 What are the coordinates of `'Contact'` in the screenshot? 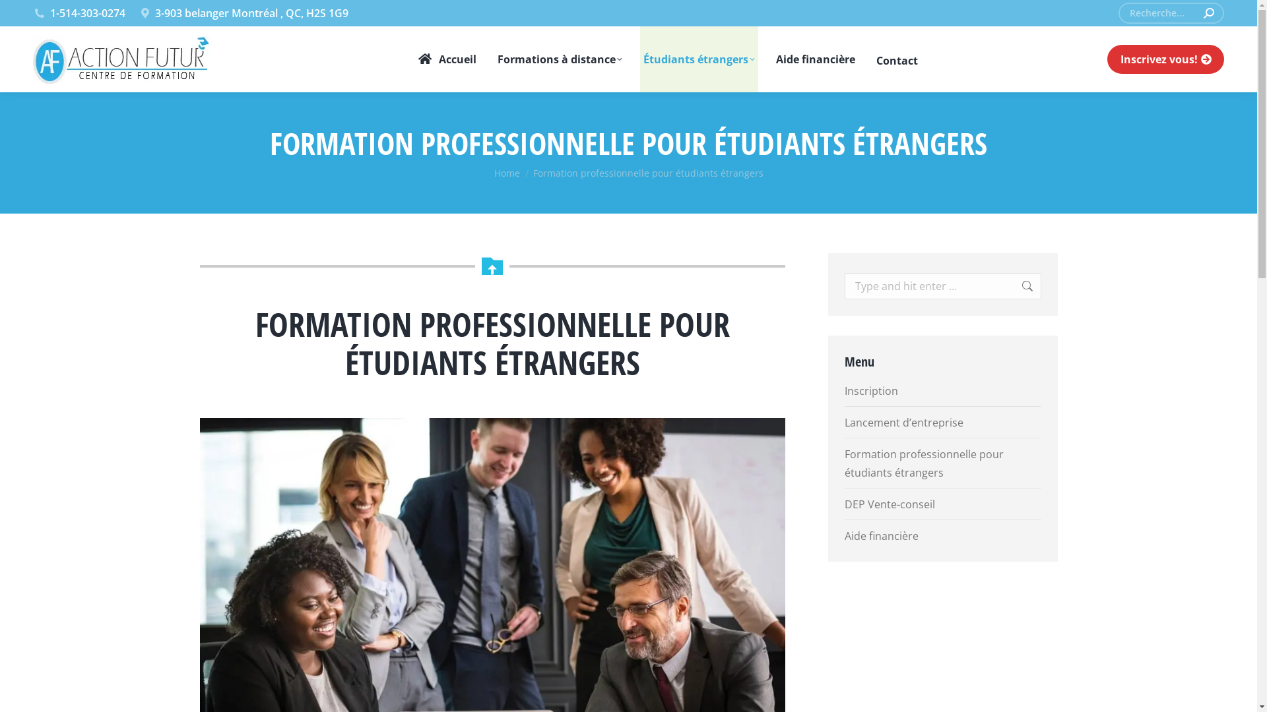 It's located at (897, 58).